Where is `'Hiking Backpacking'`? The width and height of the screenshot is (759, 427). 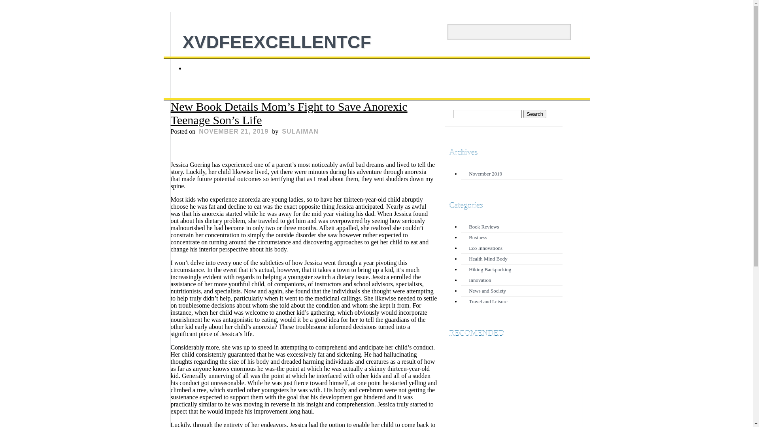 'Hiking Backpacking' is located at coordinates (489, 269).